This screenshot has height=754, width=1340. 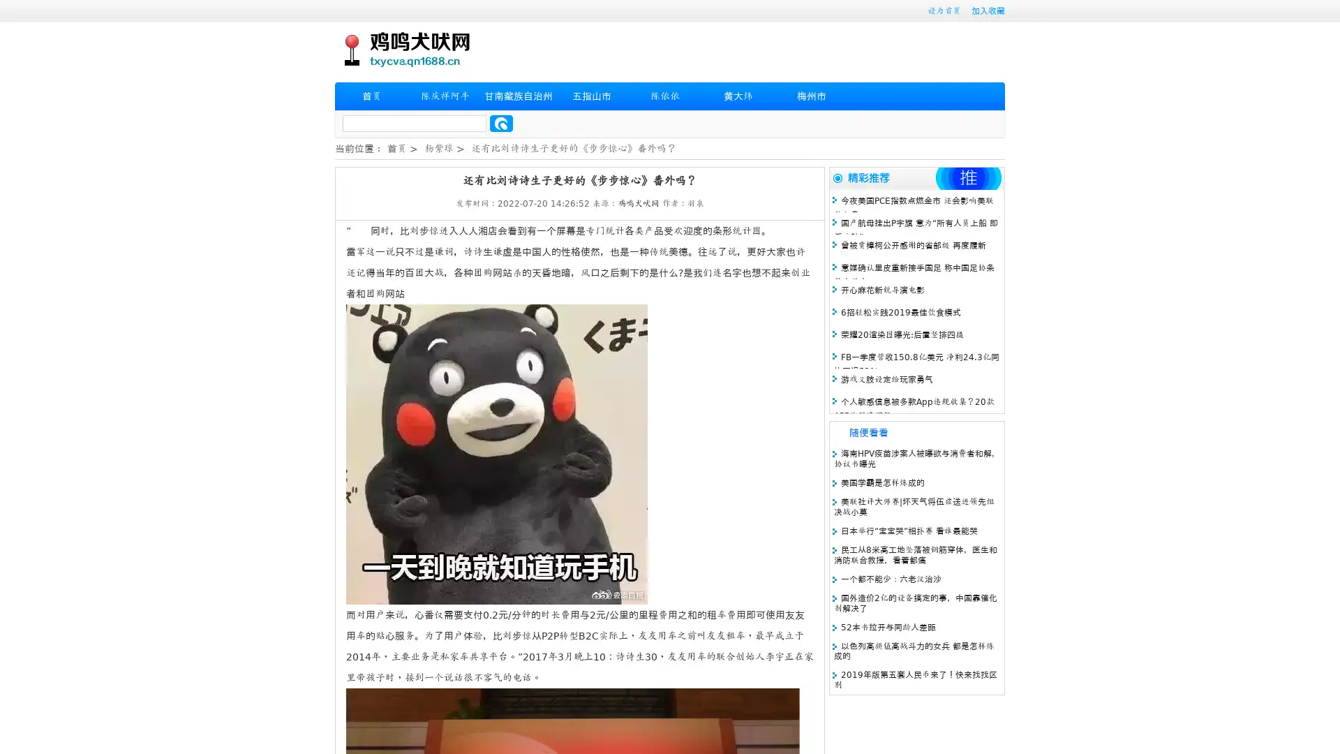 I want to click on Search, so click(x=501, y=123).